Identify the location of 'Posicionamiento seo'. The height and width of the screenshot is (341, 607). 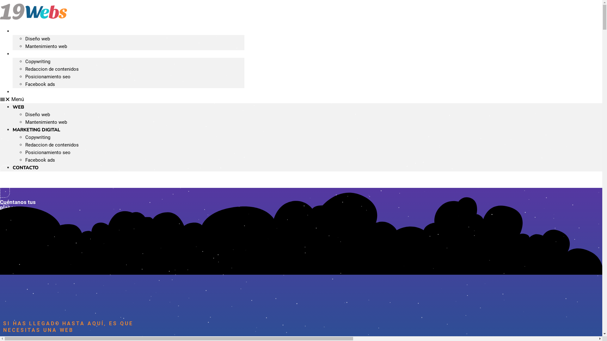
(47, 76).